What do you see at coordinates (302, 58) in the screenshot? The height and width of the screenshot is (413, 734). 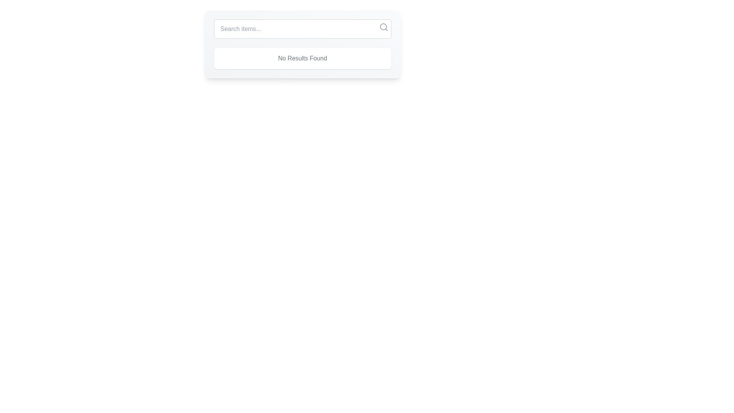 I see `the label displaying 'No Results Found', which is a white rectangular box with rounded corners located below the search bar` at bounding box center [302, 58].